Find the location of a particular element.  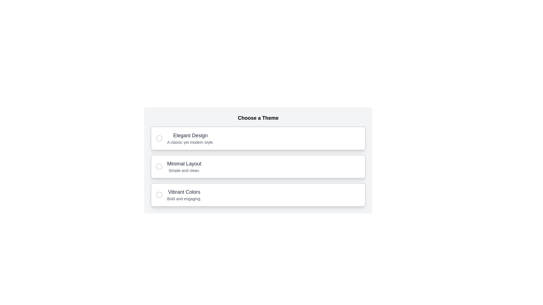

the 'Minimal Layout' text label is located at coordinates (184, 164).